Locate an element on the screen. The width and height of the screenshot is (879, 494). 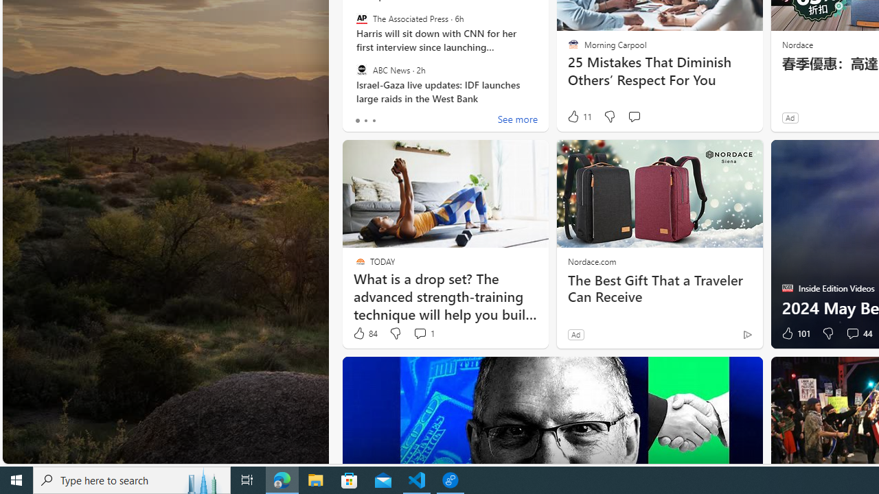
'ABC News' is located at coordinates (361, 69).